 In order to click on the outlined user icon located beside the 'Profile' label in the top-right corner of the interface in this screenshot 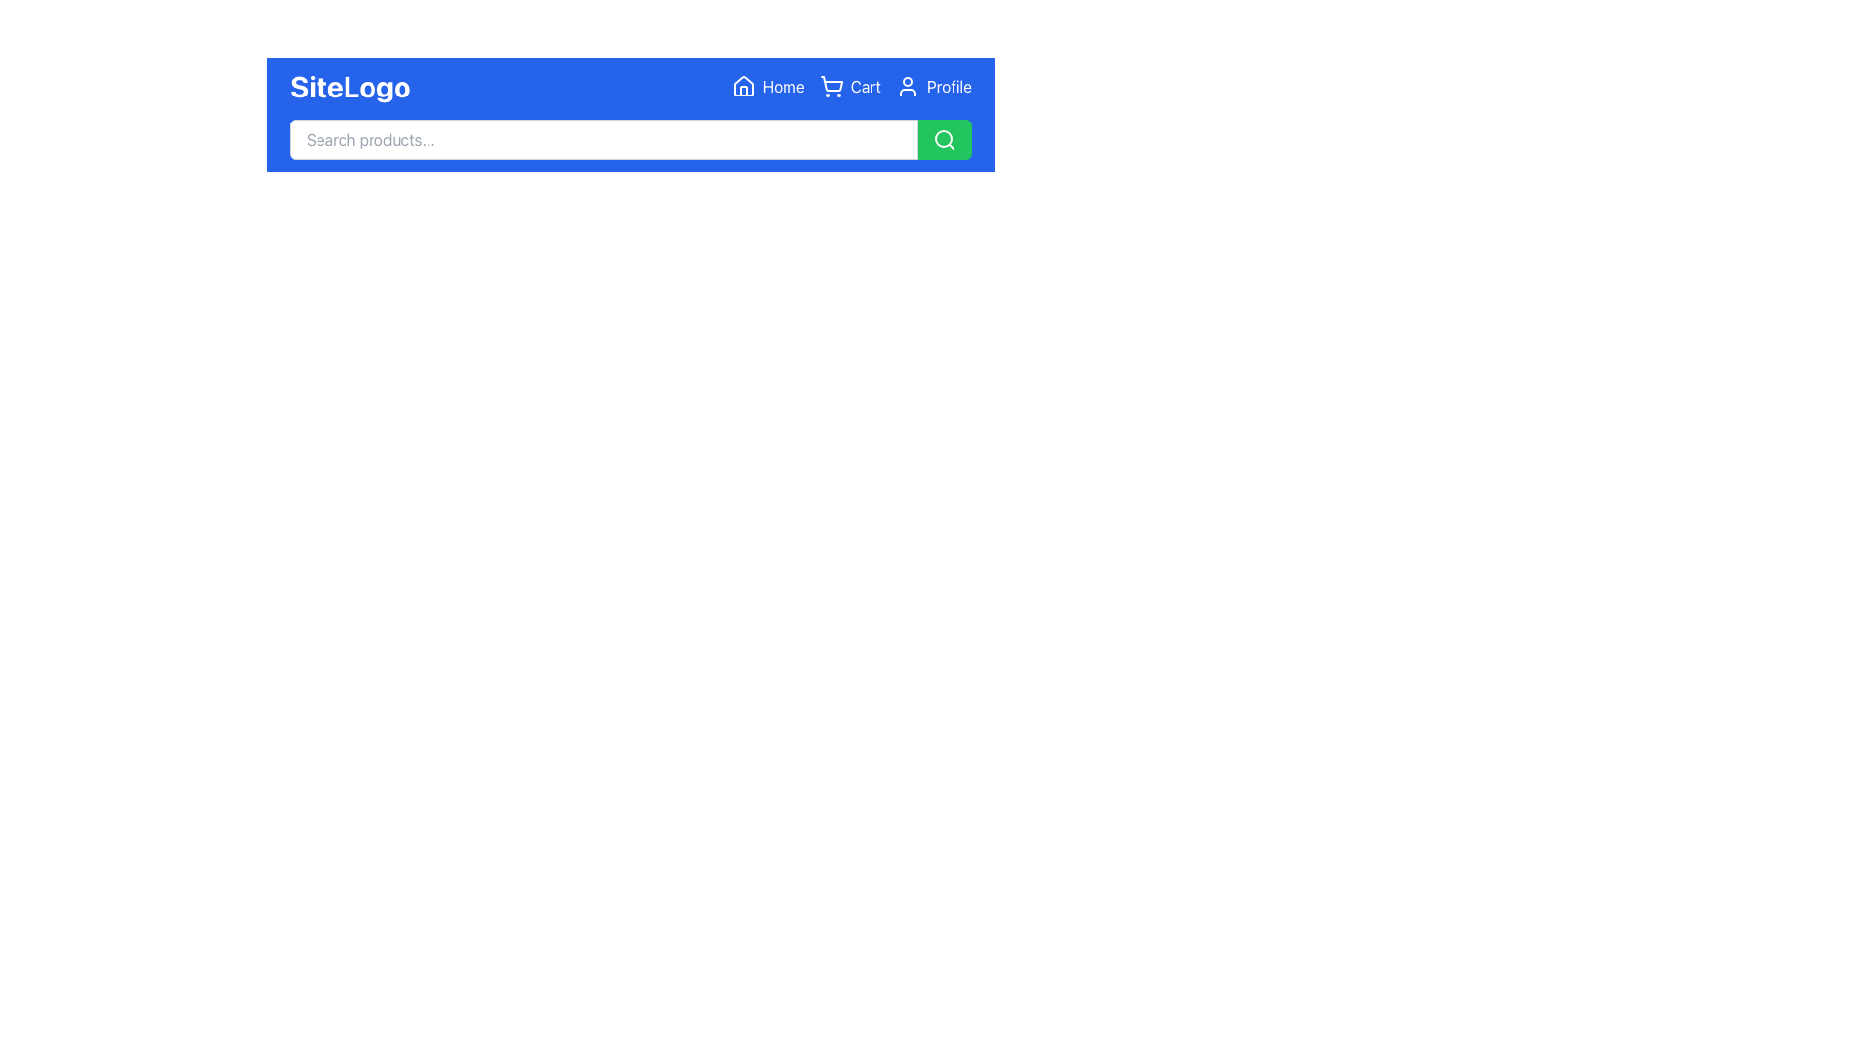, I will do `click(906, 85)`.